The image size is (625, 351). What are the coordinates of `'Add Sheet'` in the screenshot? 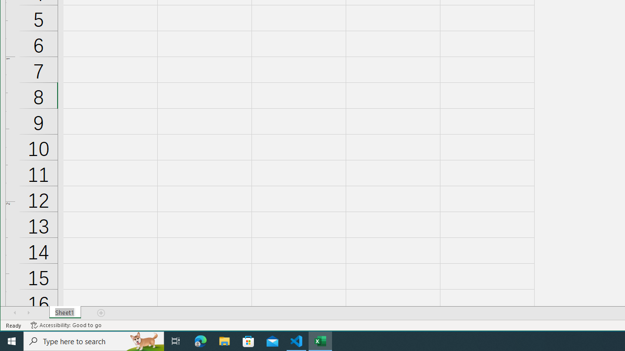 It's located at (102, 312).